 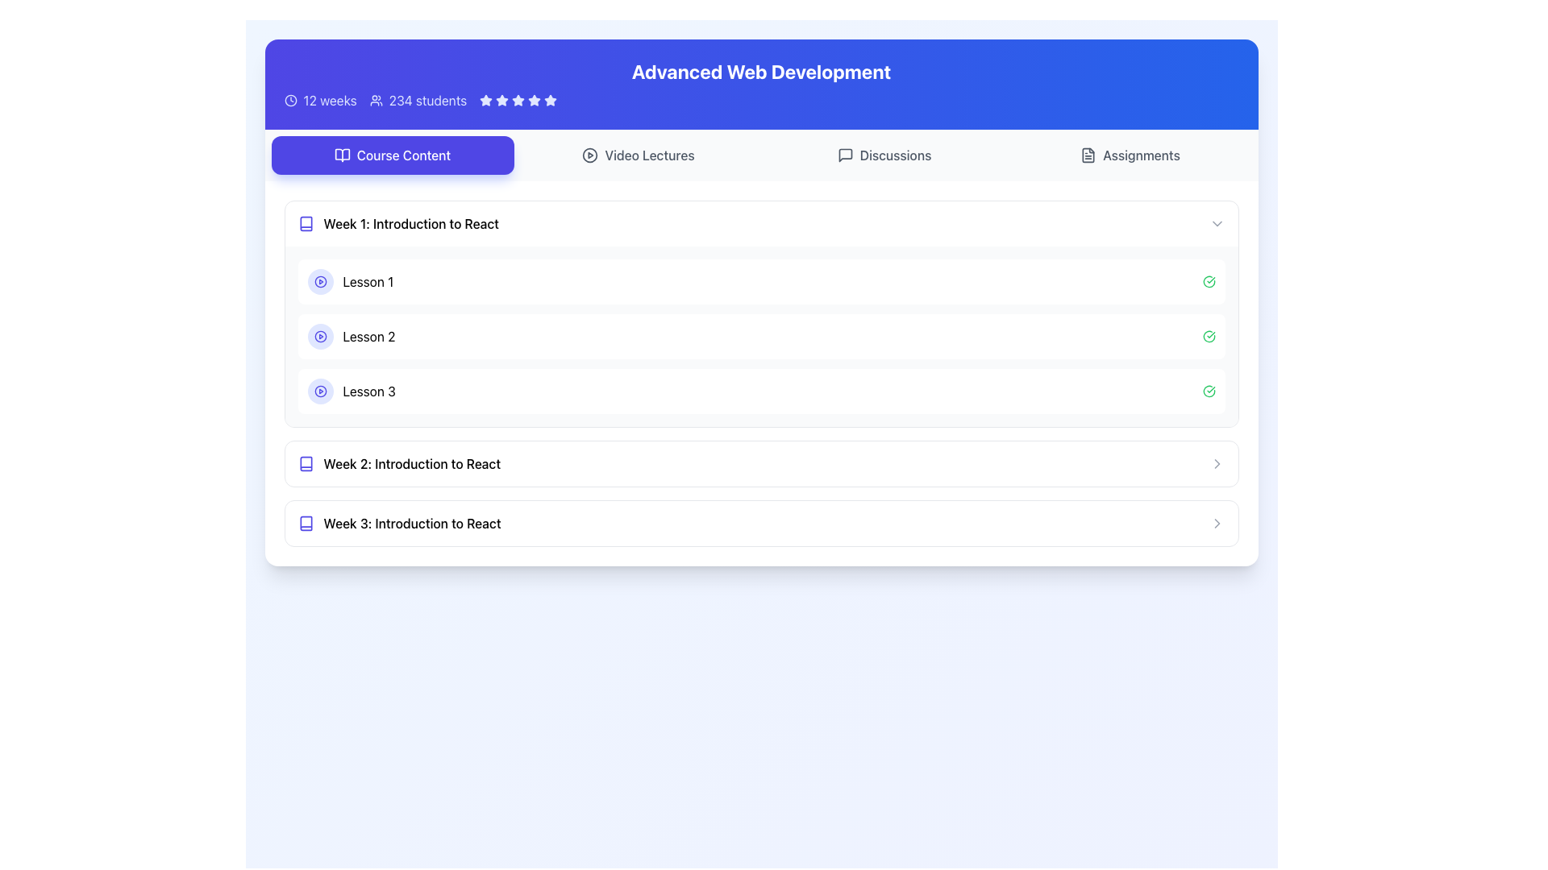 I want to click on the icon representing the 'Course Content' section, so click(x=341, y=155).